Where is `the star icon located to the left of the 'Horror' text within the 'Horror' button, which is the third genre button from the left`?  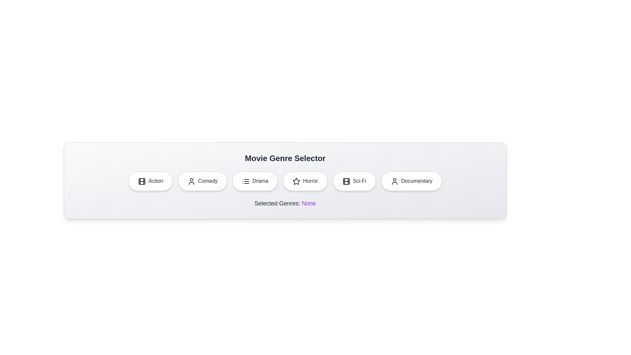
the star icon located to the left of the 'Horror' text within the 'Horror' button, which is the third genre button from the left is located at coordinates (296, 181).